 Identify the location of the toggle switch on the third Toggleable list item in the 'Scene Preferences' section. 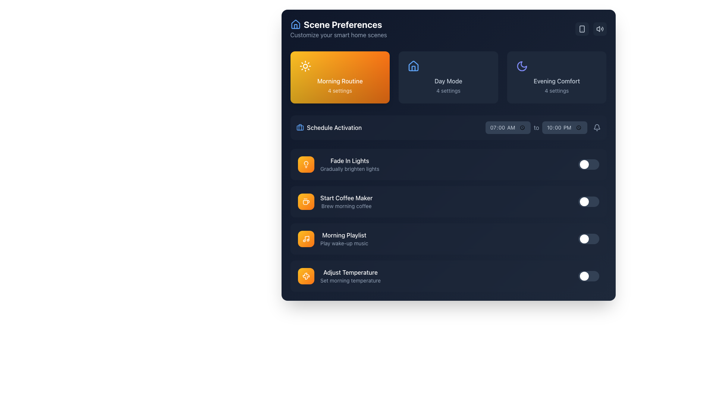
(448, 239).